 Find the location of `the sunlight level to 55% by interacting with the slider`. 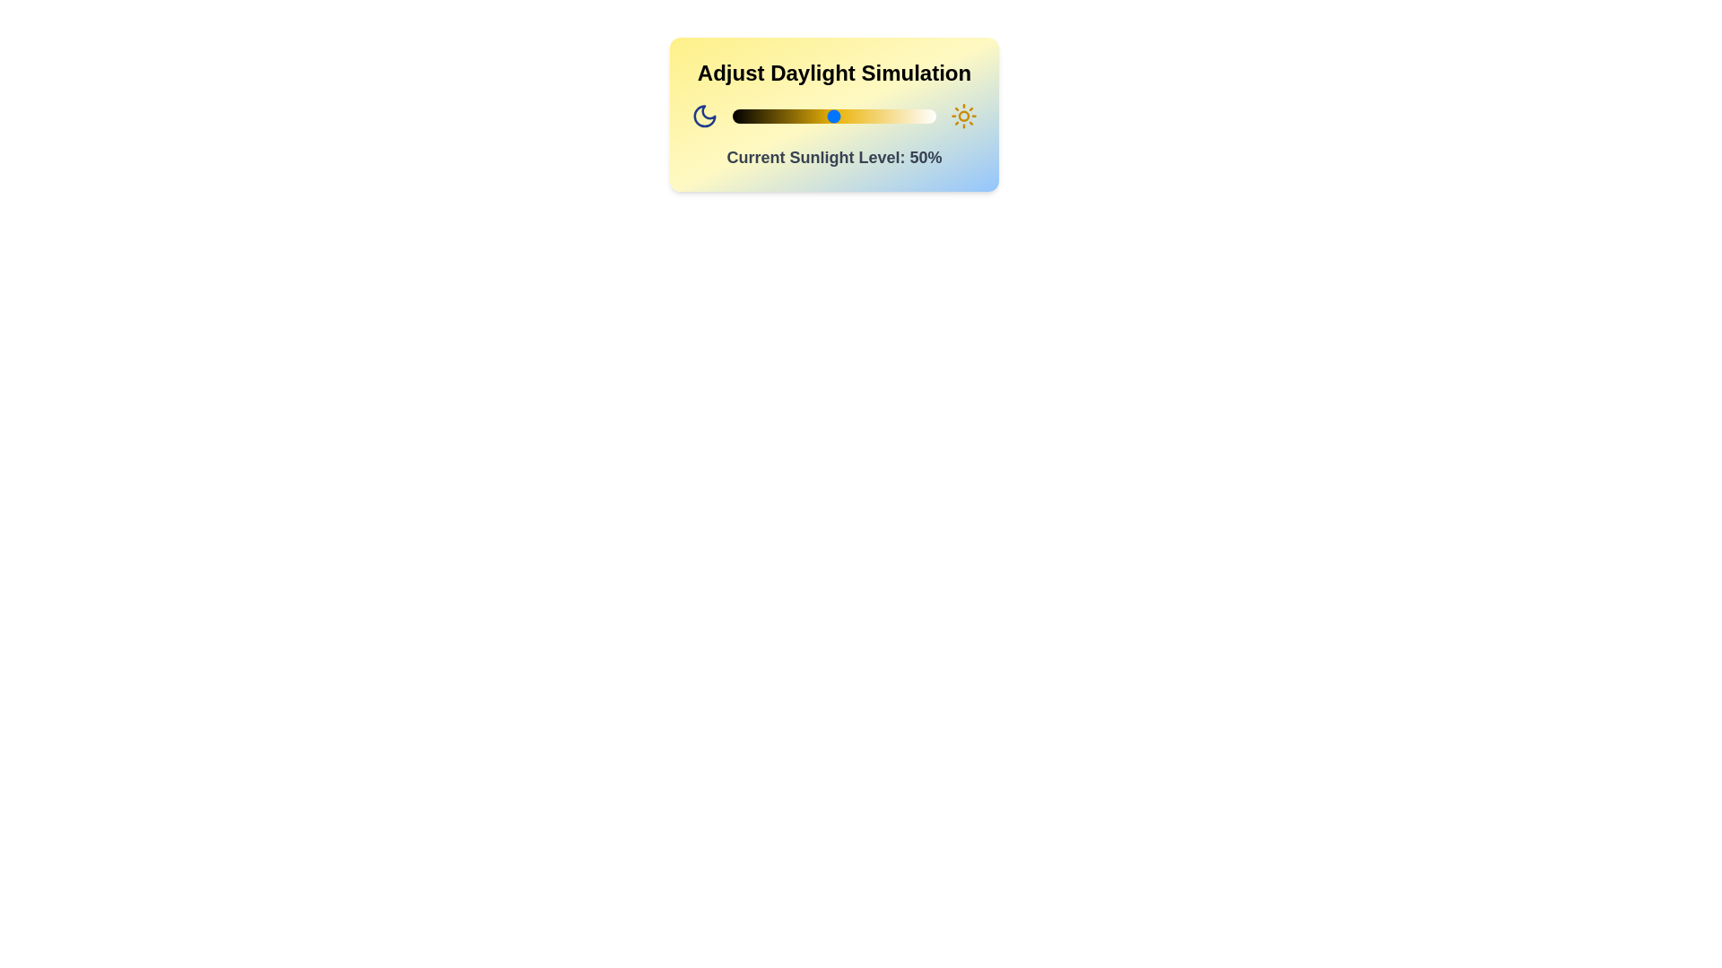

the sunlight level to 55% by interacting with the slider is located at coordinates (843, 117).